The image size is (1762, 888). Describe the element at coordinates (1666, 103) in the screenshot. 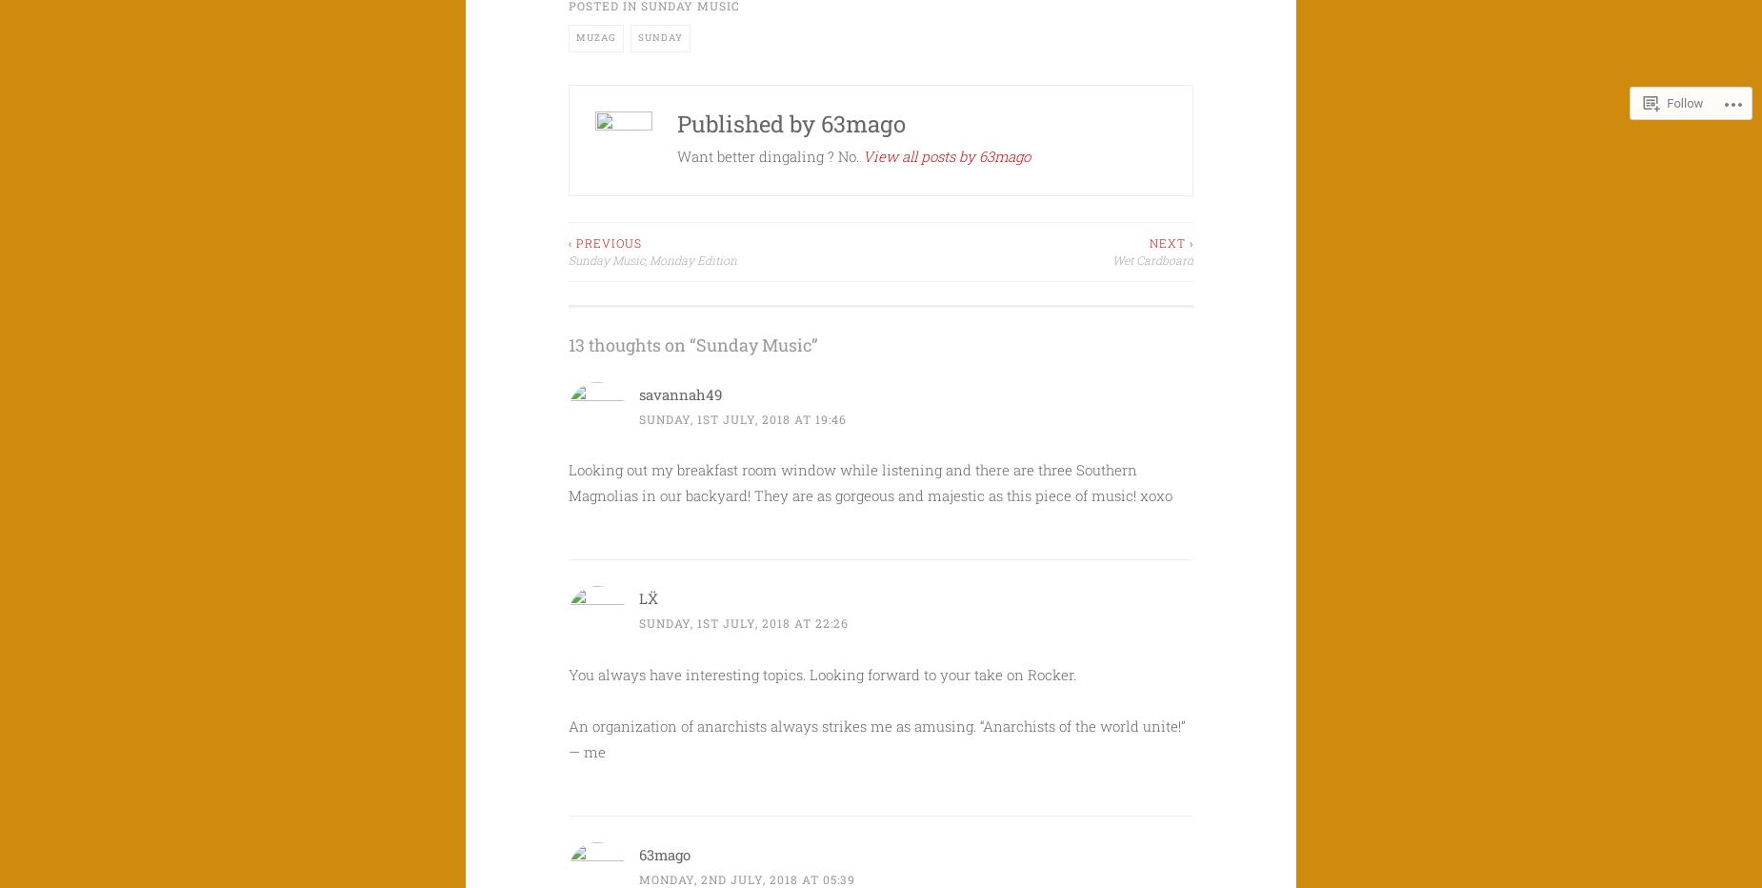

I see `'Follow'` at that location.